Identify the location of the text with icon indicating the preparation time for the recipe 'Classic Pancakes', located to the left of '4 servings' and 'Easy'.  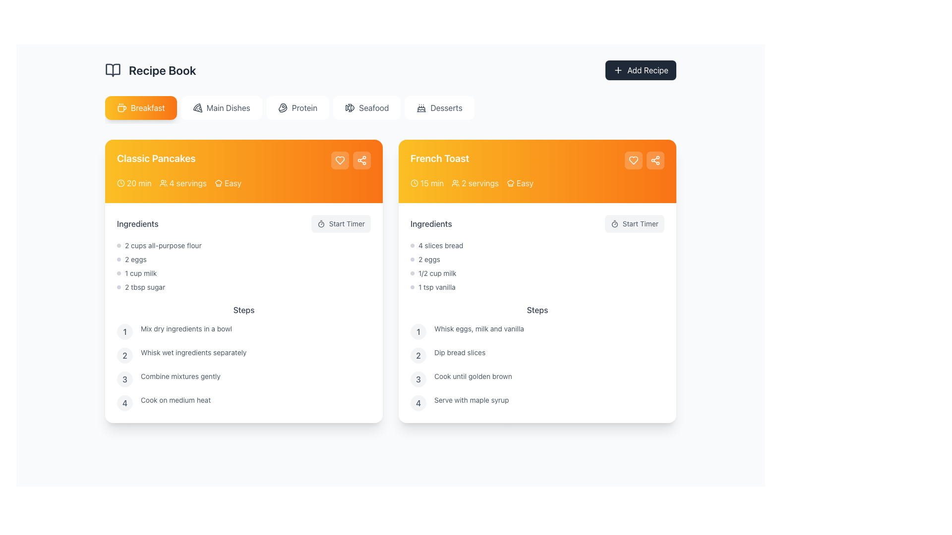
(133, 183).